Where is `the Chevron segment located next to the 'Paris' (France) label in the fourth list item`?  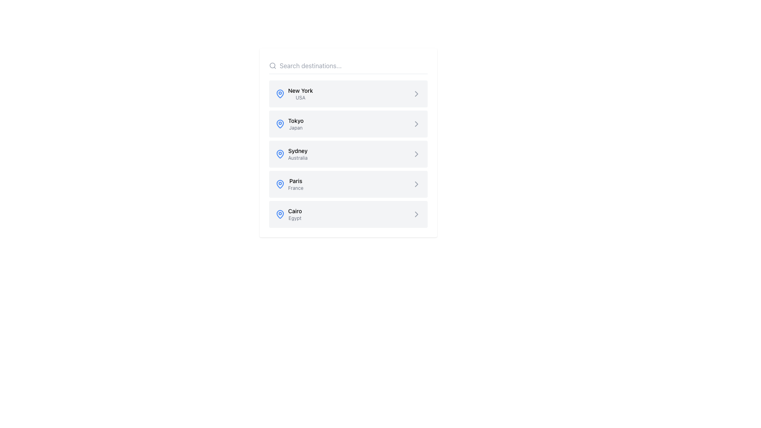 the Chevron segment located next to the 'Paris' (France) label in the fourth list item is located at coordinates (416, 184).